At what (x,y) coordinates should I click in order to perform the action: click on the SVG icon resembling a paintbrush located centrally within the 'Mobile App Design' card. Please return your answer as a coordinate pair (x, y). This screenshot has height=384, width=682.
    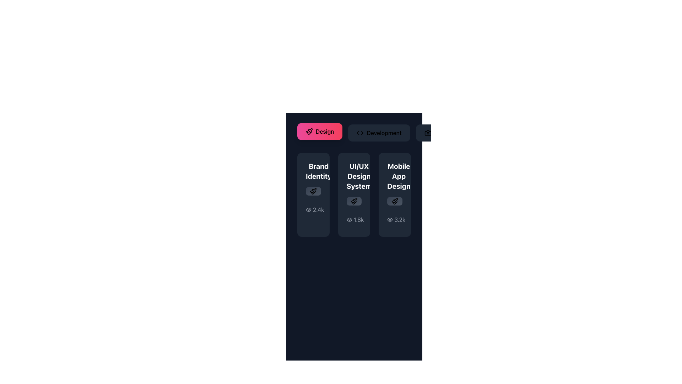
    Looking at the image, I should click on (394, 201).